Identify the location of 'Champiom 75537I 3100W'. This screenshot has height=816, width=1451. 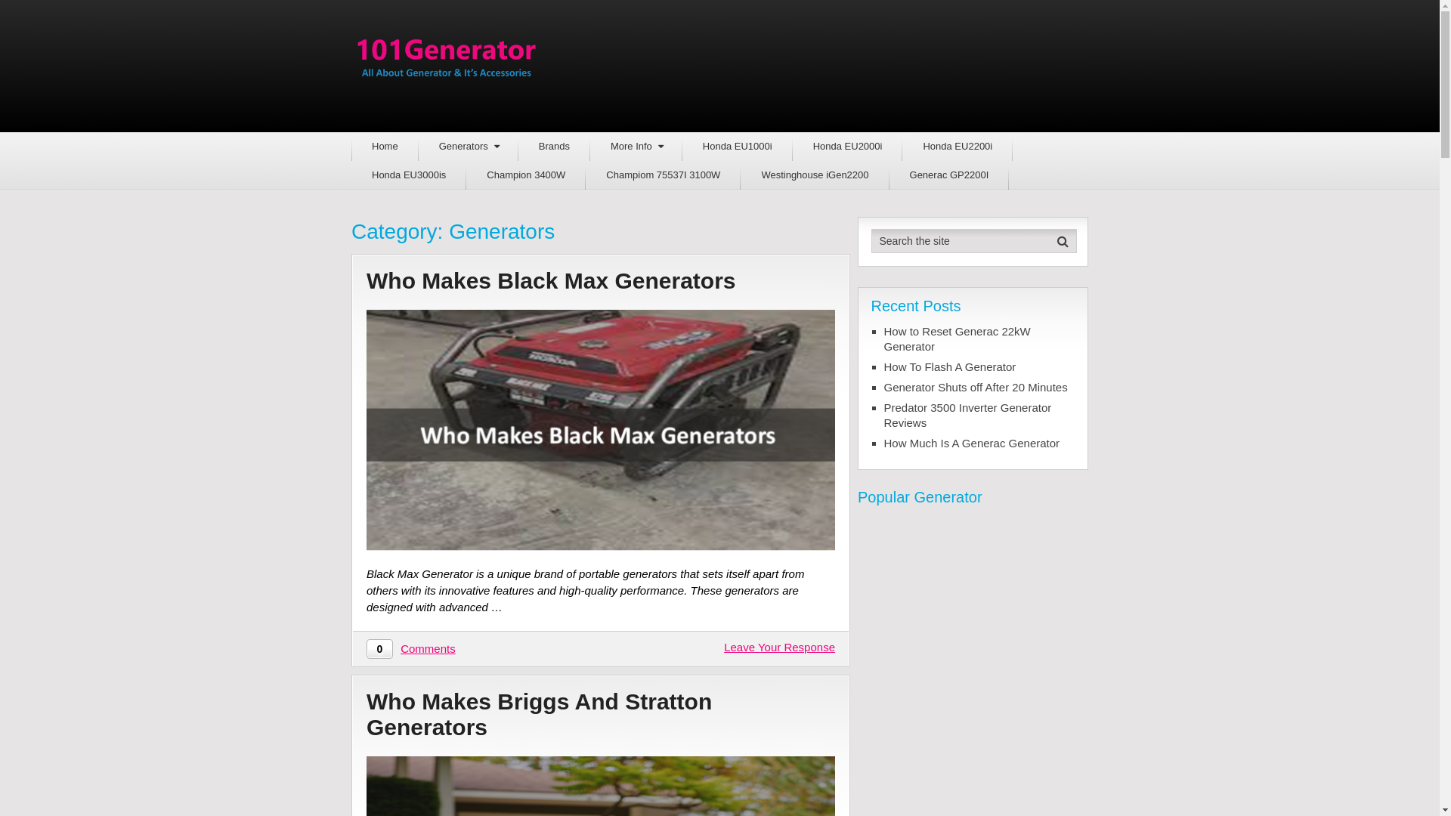
(584, 174).